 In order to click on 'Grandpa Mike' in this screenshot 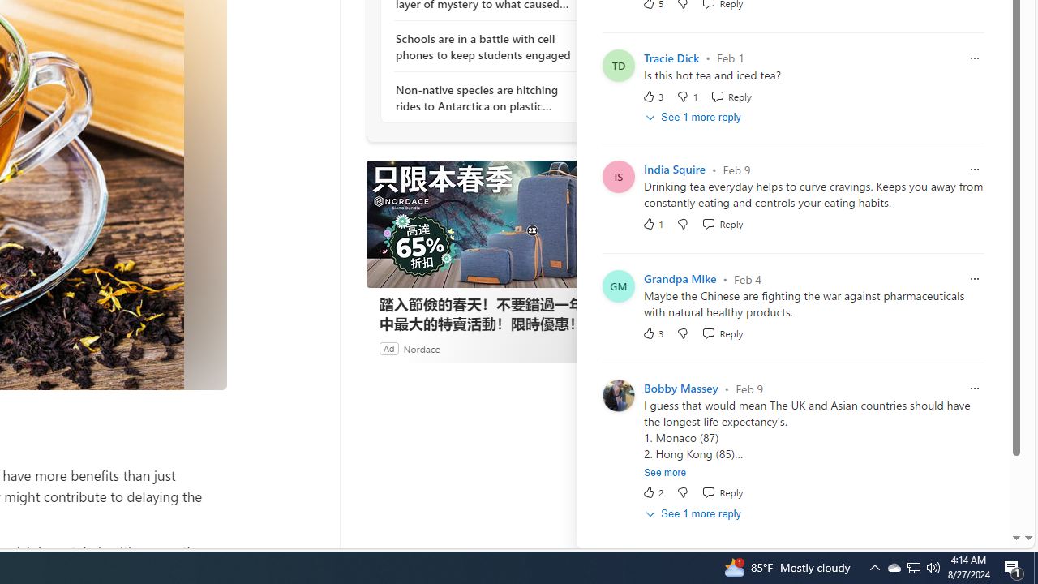, I will do `click(680, 278)`.